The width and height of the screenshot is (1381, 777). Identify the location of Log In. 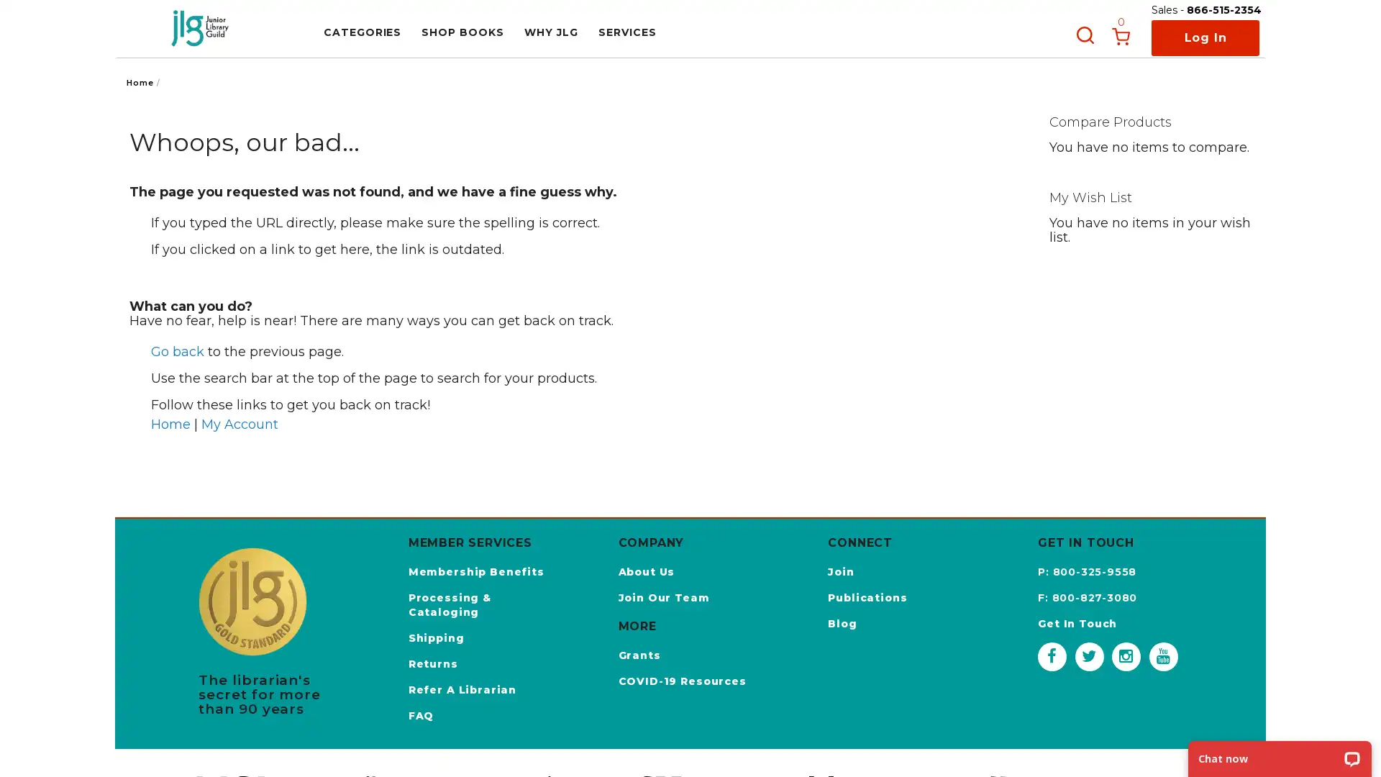
(1205, 37).